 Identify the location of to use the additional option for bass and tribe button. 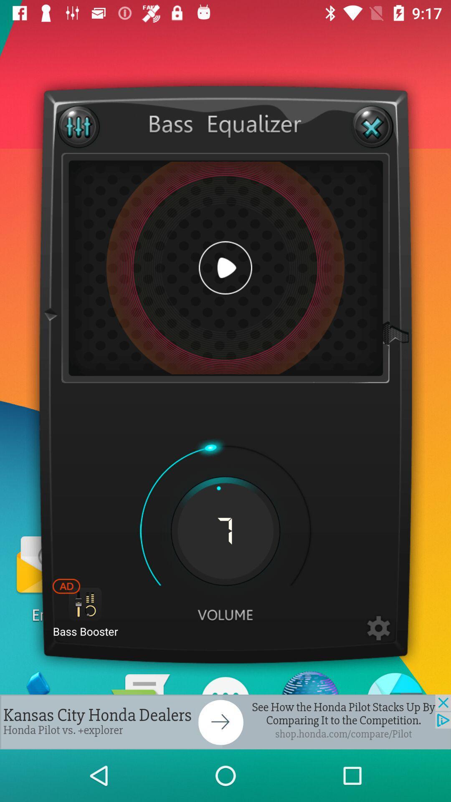
(79, 126).